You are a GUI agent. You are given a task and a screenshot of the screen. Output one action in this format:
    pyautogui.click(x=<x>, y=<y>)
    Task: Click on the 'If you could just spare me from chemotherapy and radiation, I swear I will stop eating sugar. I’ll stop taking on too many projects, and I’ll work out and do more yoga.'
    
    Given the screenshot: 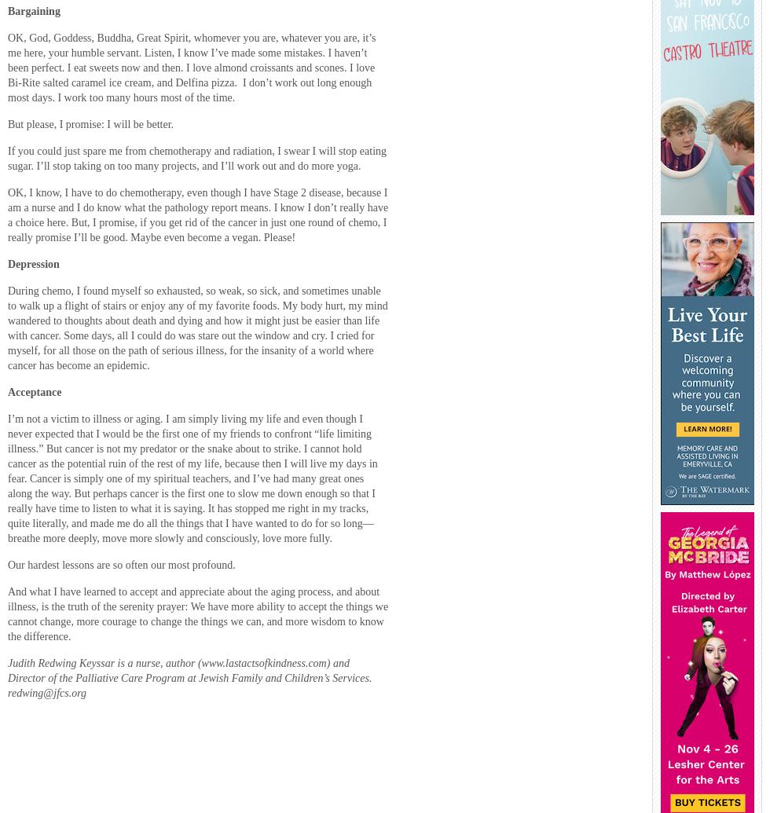 What is the action you would take?
    pyautogui.click(x=7, y=157)
    